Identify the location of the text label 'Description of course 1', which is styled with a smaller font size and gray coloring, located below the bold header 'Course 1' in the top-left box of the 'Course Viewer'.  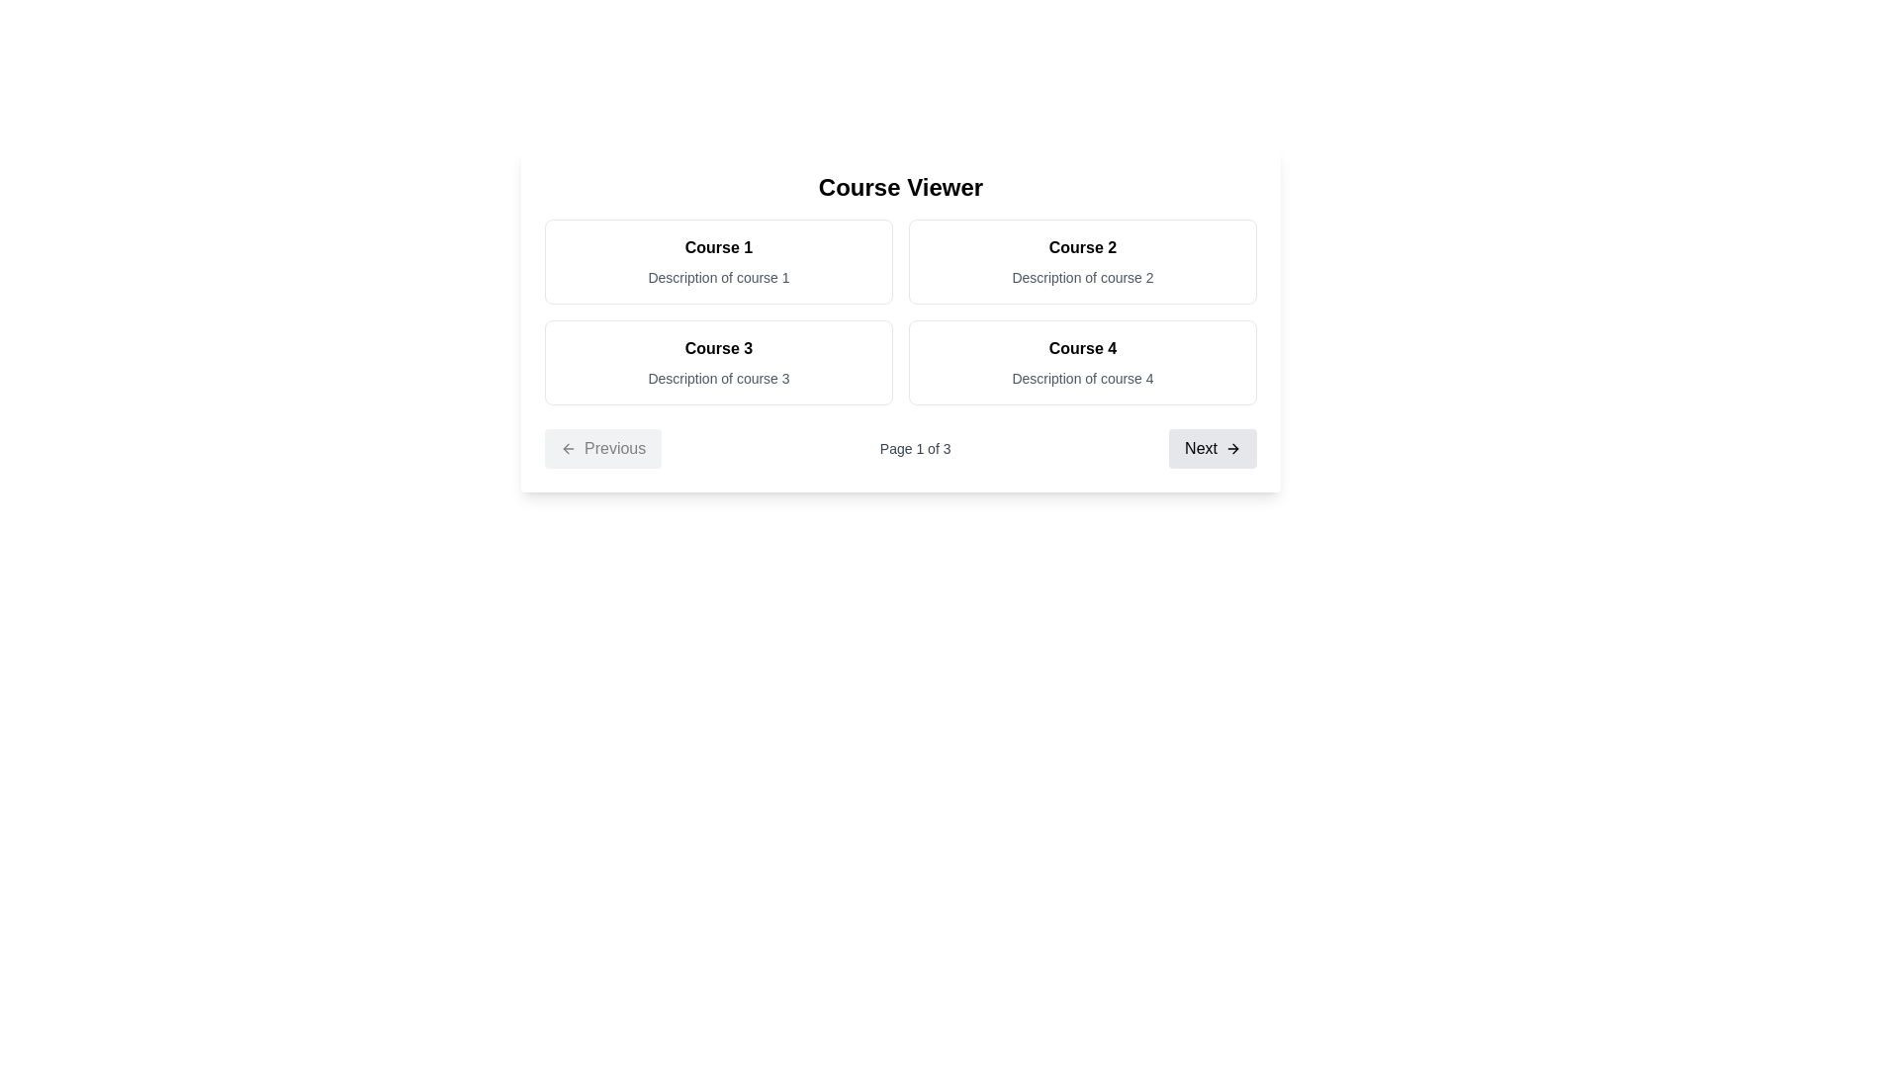
(717, 278).